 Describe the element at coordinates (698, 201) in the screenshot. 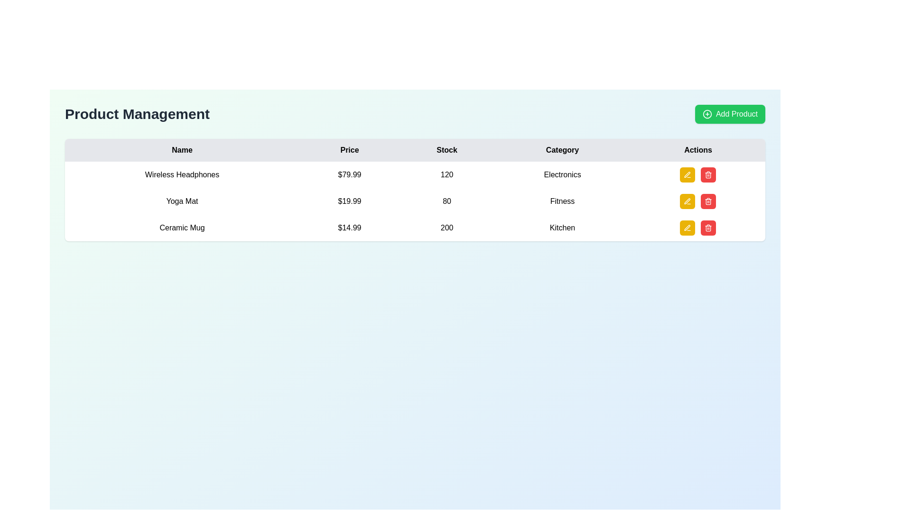

I see `the yellow edit button in the Actions column of the second row of the table` at that location.